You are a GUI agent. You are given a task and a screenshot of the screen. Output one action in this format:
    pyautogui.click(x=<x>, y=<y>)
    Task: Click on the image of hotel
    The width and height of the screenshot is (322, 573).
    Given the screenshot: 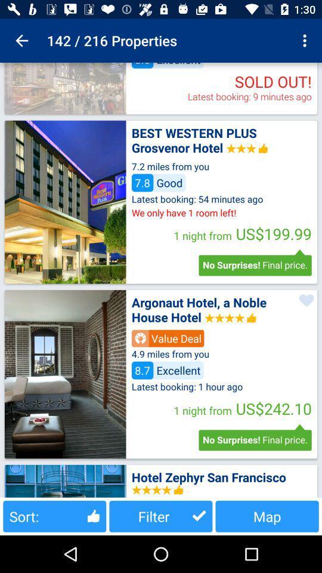 What is the action you would take?
    pyautogui.click(x=65, y=88)
    